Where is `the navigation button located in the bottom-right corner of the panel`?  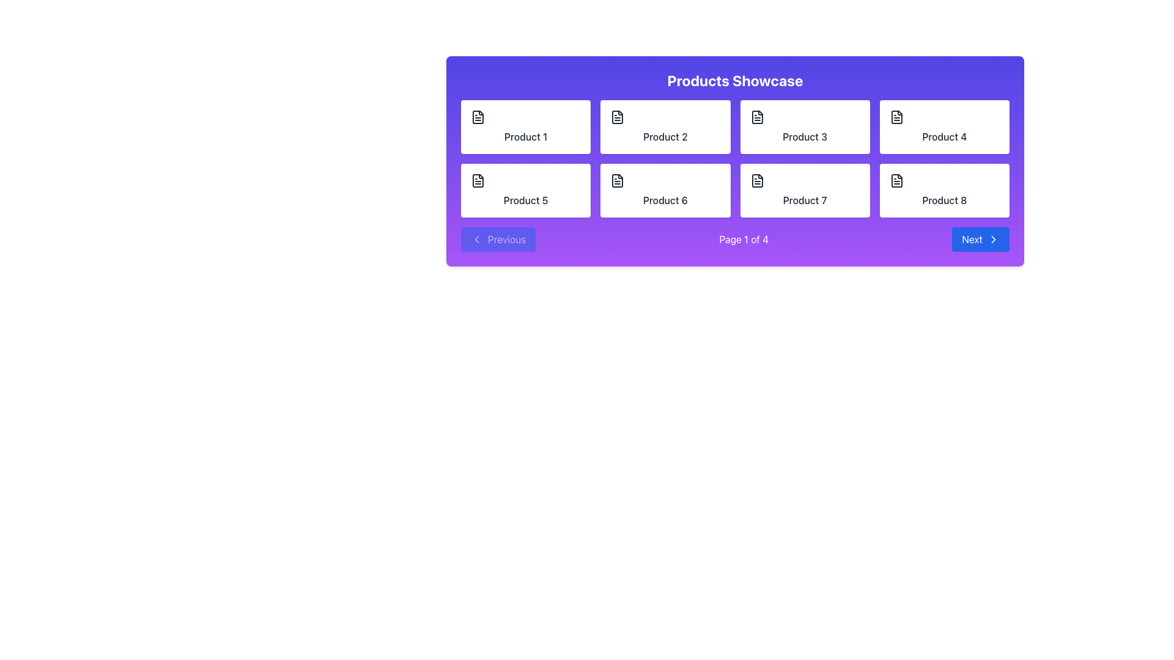 the navigation button located in the bottom-right corner of the panel is located at coordinates (981, 240).